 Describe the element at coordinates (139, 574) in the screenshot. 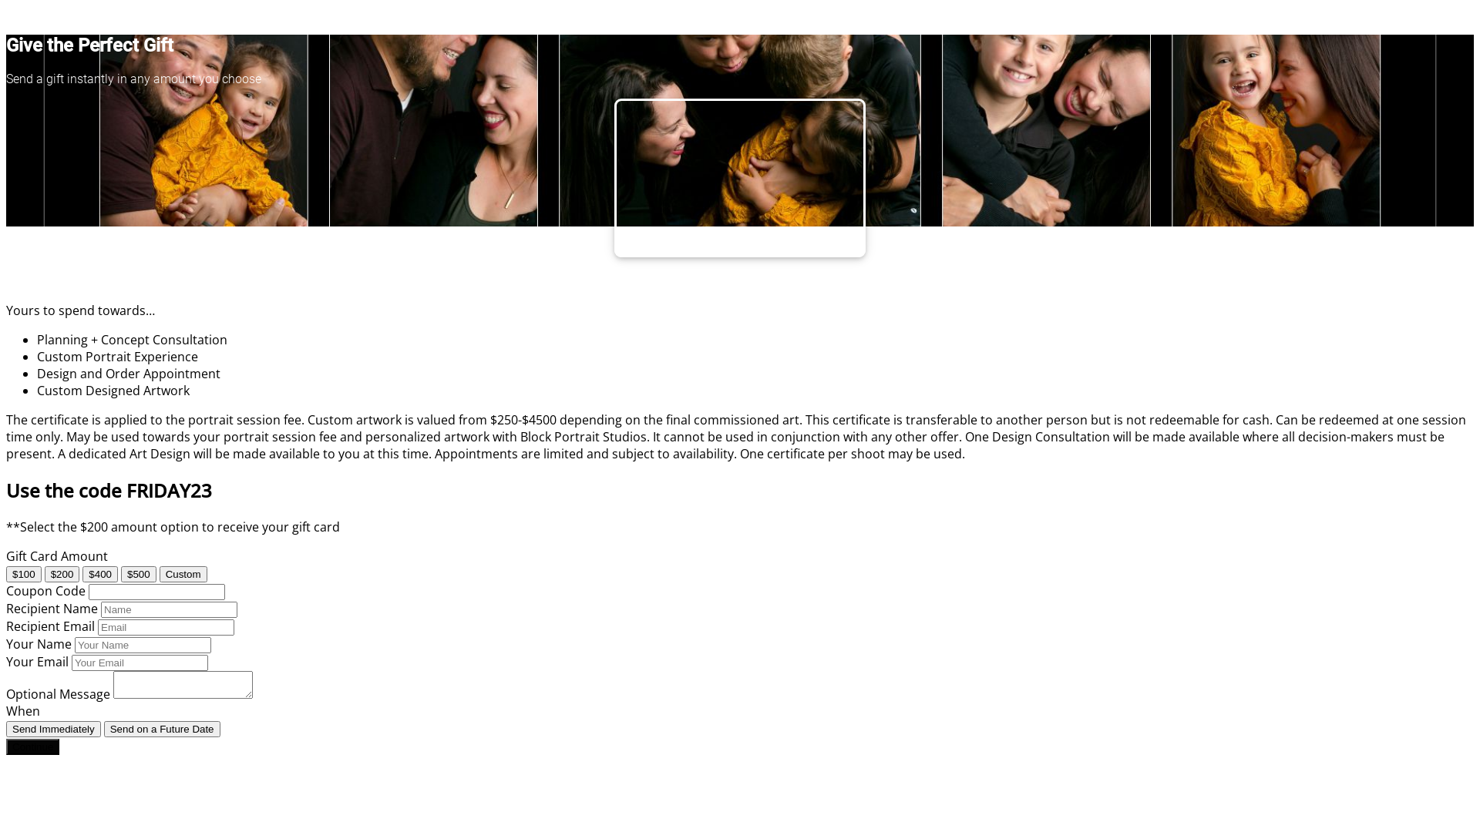

I see `'$500'` at that location.